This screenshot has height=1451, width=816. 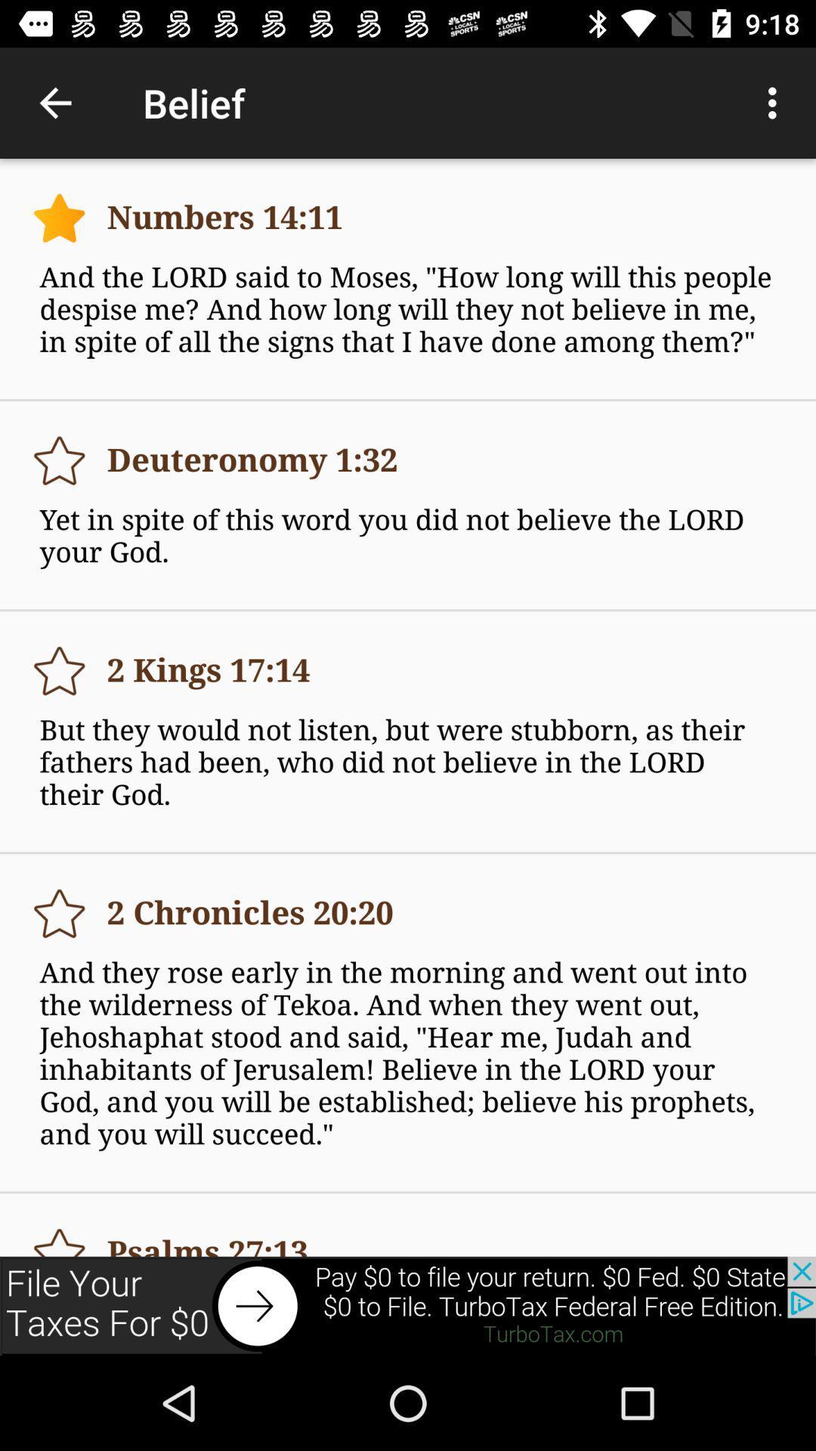 What do you see at coordinates (58, 1235) in the screenshot?
I see `star sympol` at bounding box center [58, 1235].